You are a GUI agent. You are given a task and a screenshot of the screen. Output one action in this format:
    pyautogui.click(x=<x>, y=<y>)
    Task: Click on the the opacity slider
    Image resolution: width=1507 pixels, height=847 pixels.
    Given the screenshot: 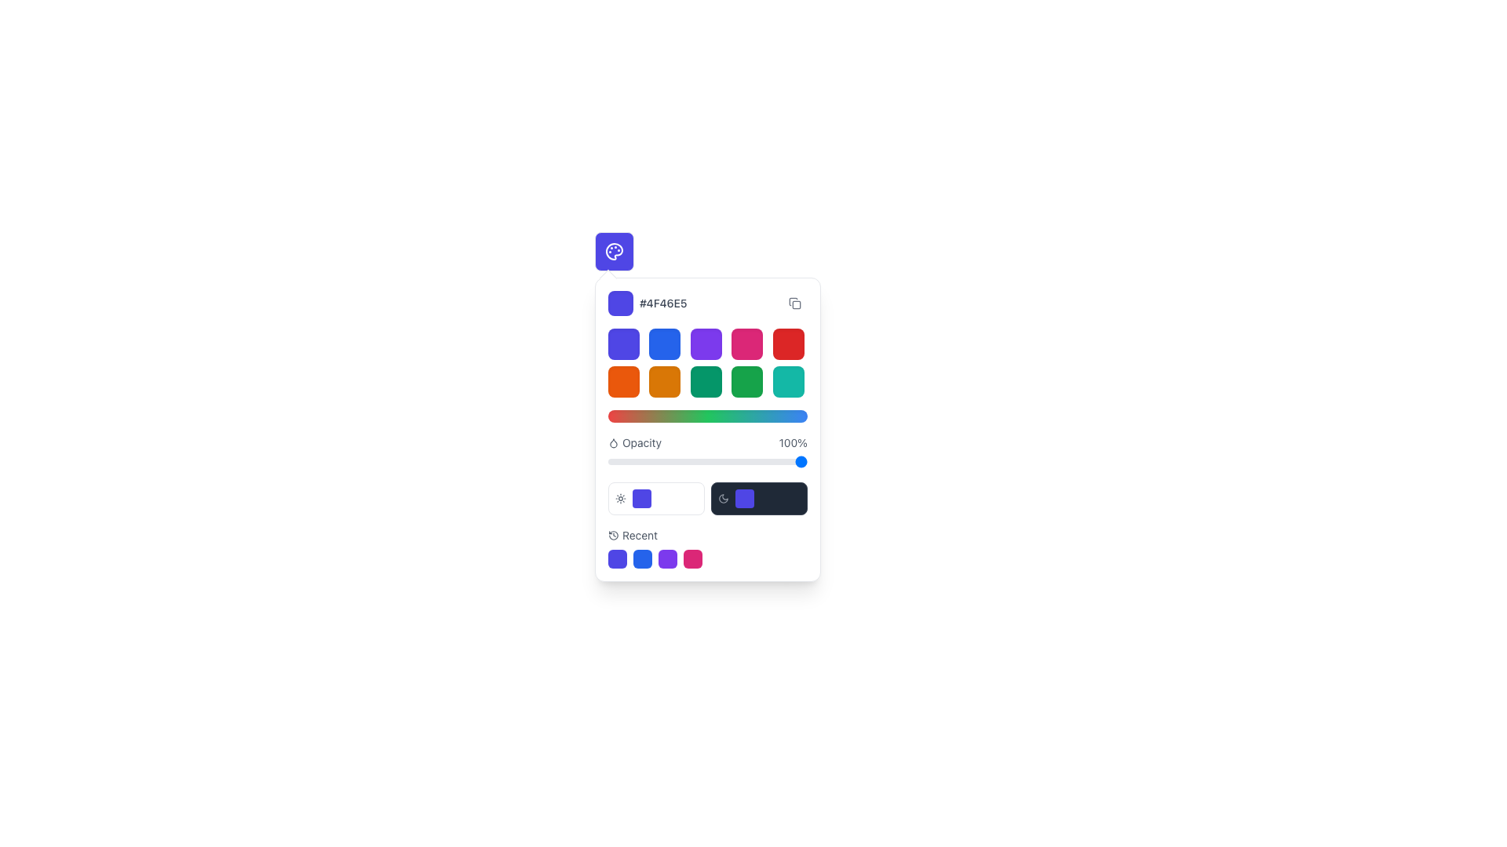 What is the action you would take?
    pyautogui.click(x=611, y=461)
    